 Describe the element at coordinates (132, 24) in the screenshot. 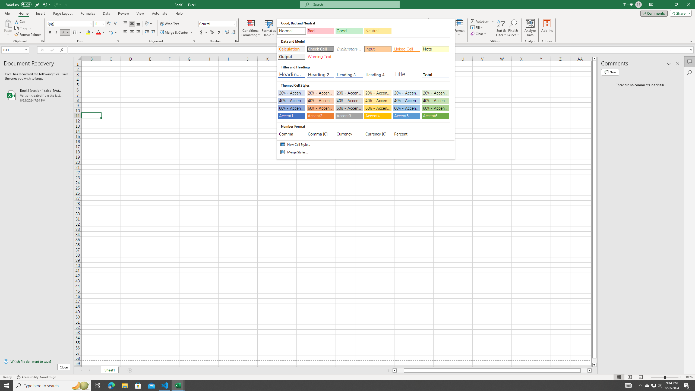

I see `'Middle Align'` at that location.